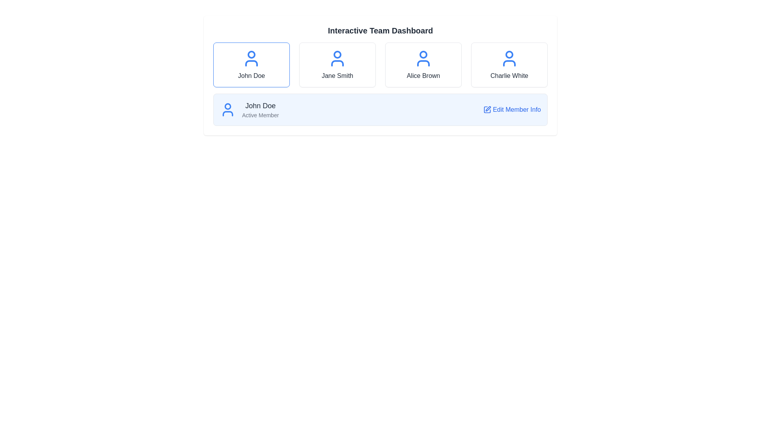 This screenshot has height=425, width=757. What do you see at coordinates (251, 58) in the screenshot?
I see `the user icon with a minimalist design, solid blue color, located in the first card above the text 'John Doe'` at bounding box center [251, 58].